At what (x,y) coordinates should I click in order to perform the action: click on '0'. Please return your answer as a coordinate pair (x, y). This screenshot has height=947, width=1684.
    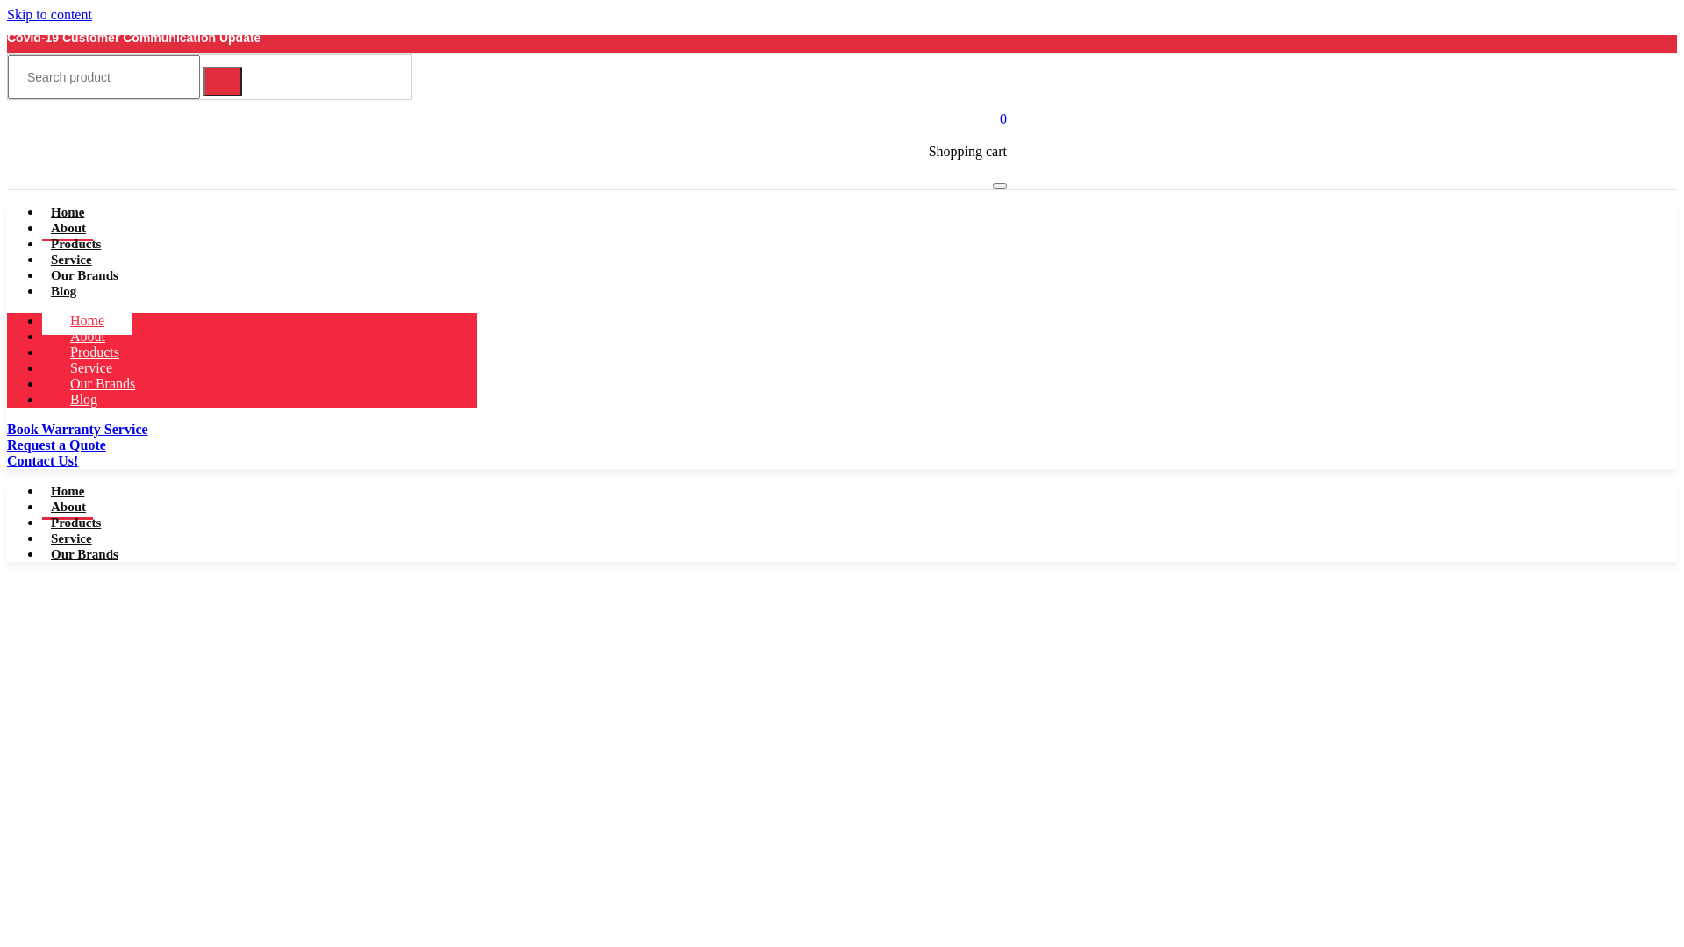
    Looking at the image, I should click on (1000, 118).